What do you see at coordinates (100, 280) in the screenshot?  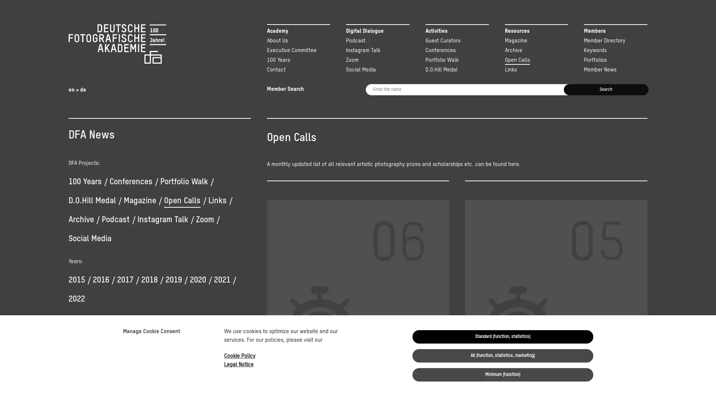 I see `2016` at bounding box center [100, 280].